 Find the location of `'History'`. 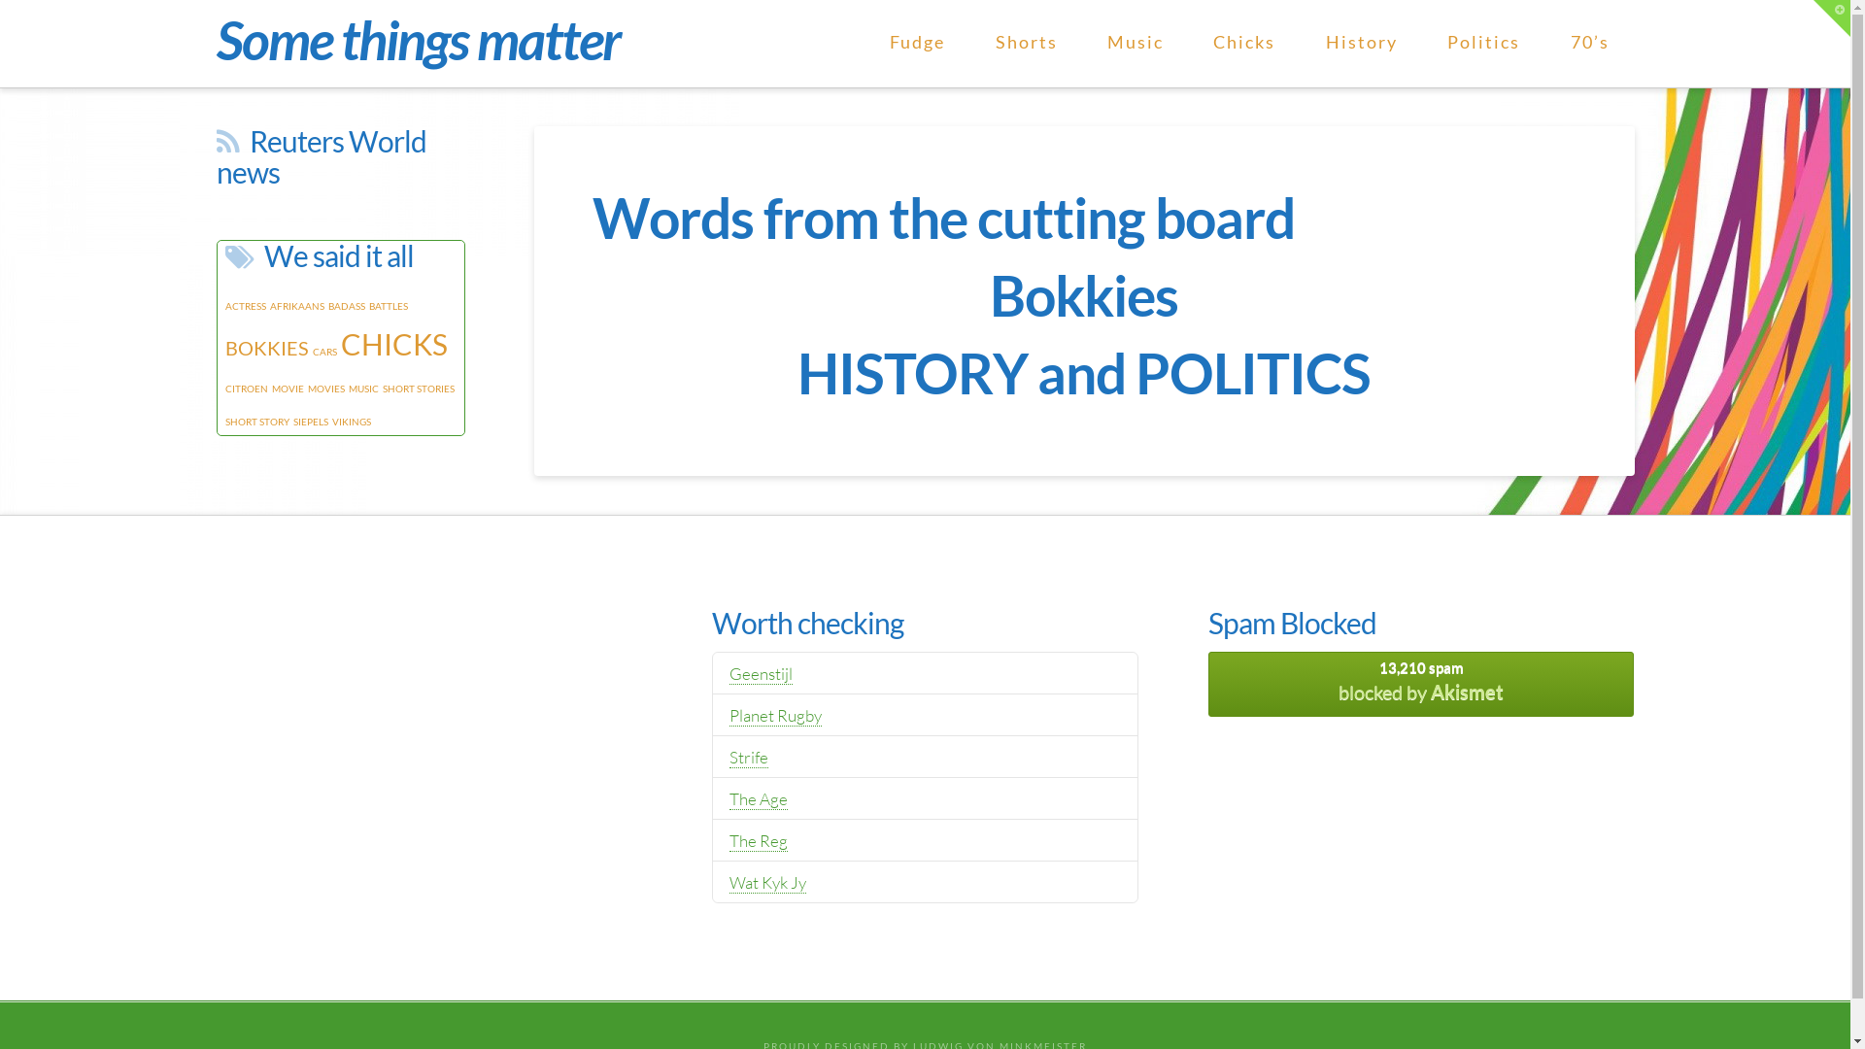

'History' is located at coordinates (1360, 44).